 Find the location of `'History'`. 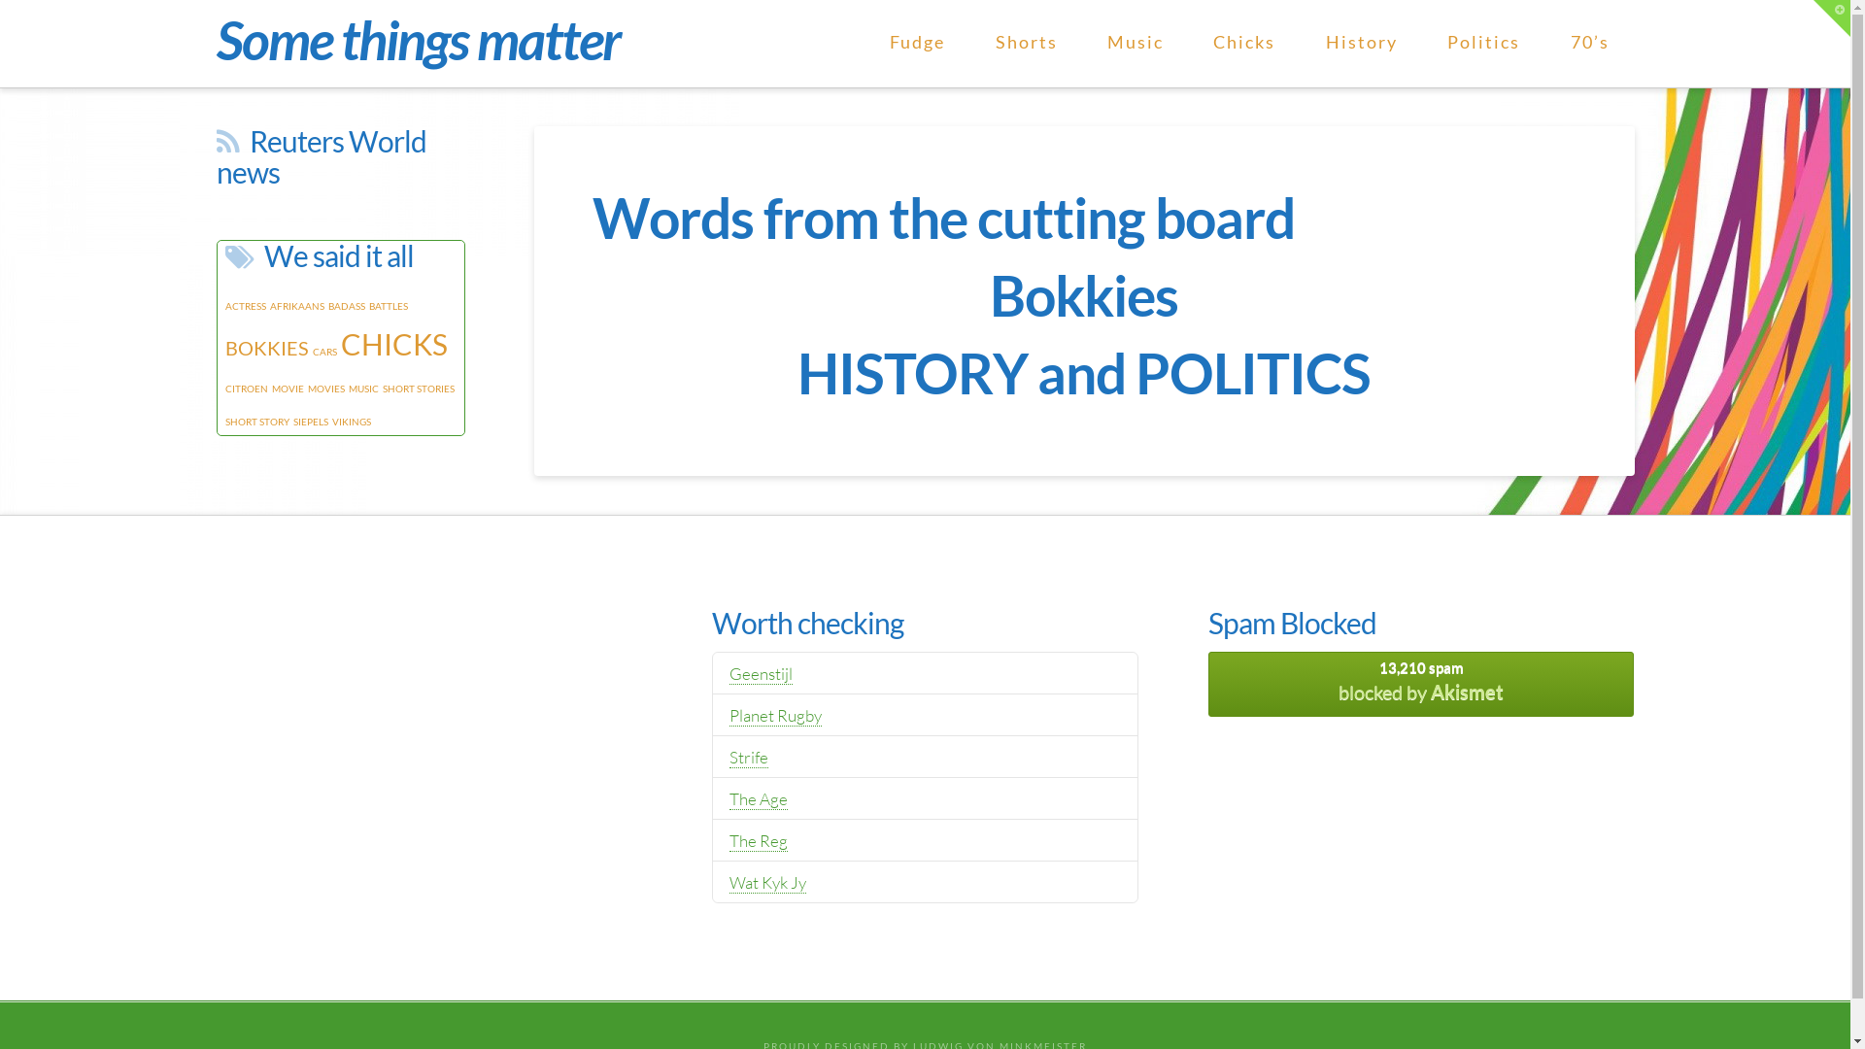

'History' is located at coordinates (1360, 44).